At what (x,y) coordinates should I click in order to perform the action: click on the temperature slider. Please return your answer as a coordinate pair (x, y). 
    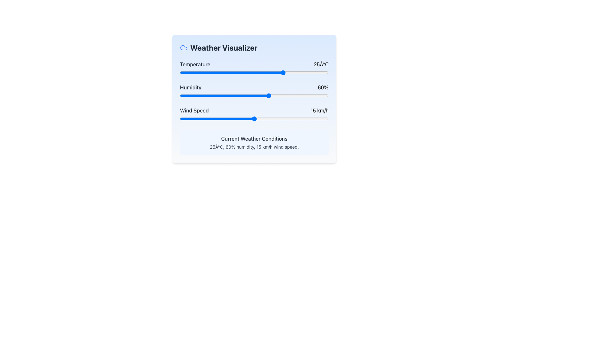
    Looking at the image, I should click on (218, 72).